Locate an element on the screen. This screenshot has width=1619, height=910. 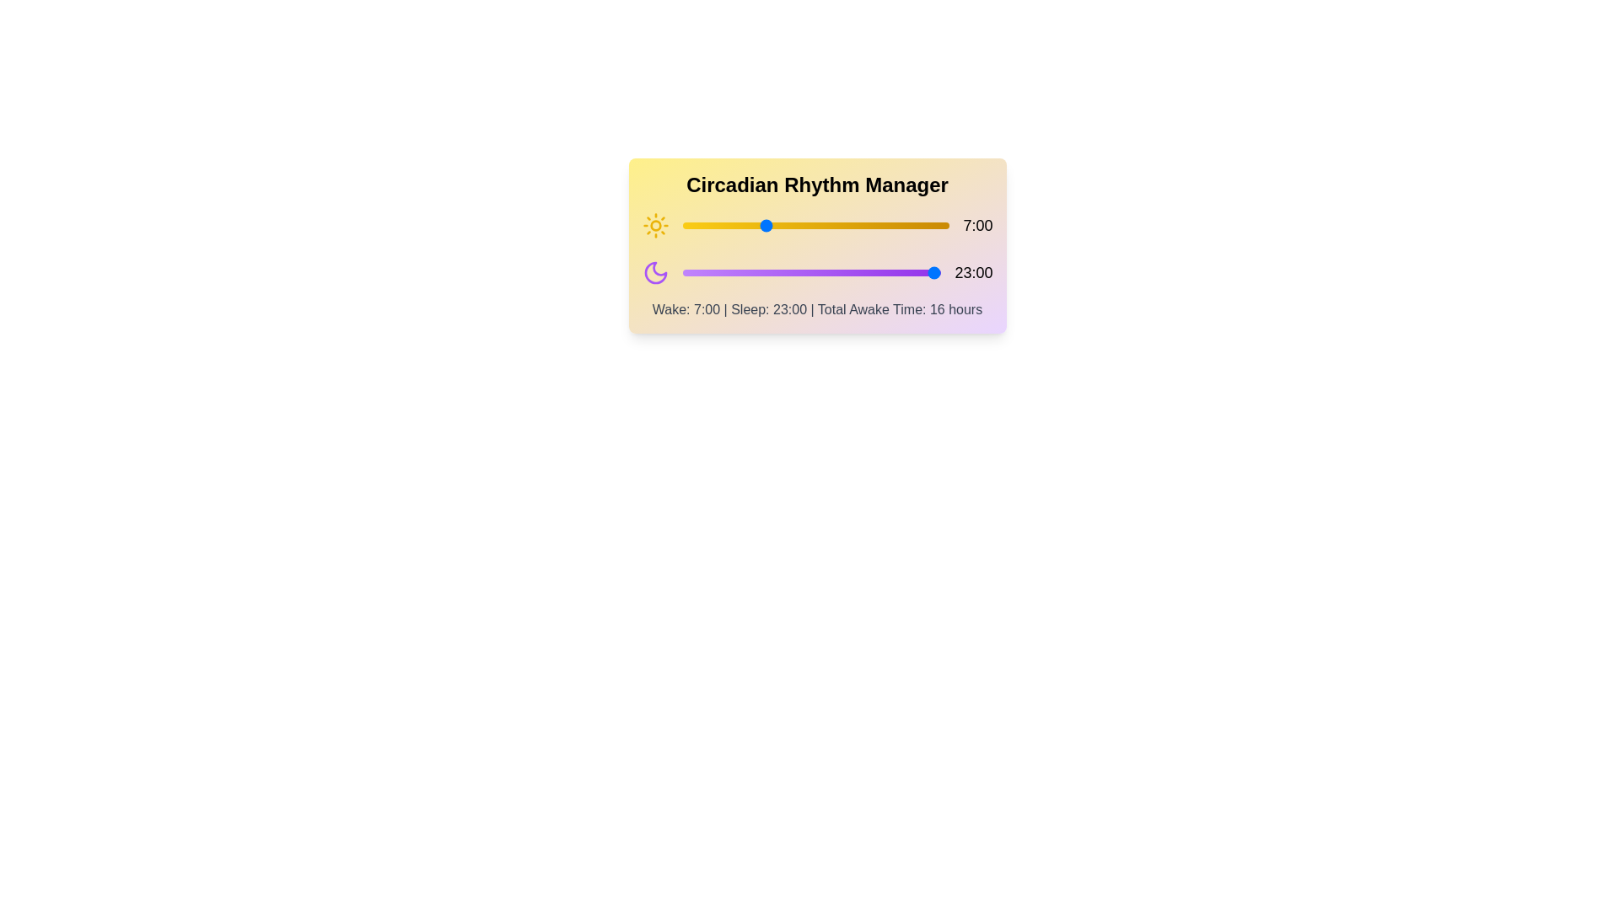
the sleep hour slider to 20 is located at coordinates (906, 272).